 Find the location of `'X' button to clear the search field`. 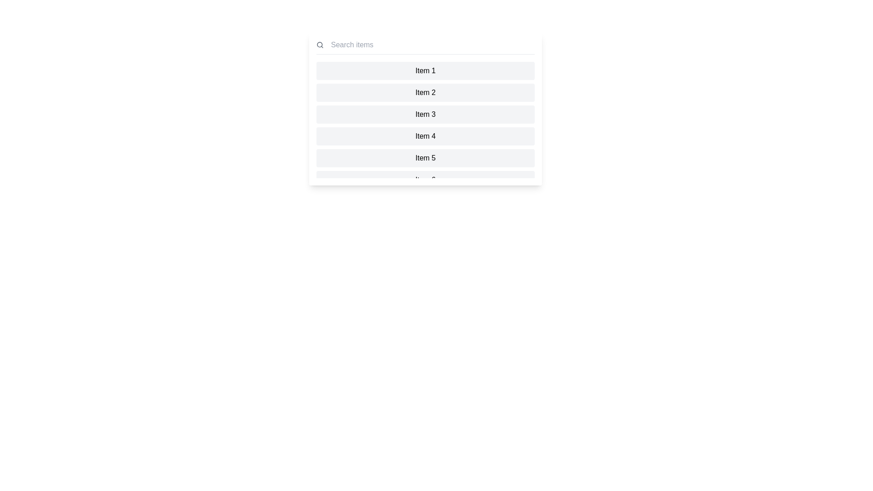

'X' button to clear the search field is located at coordinates (535, 45).